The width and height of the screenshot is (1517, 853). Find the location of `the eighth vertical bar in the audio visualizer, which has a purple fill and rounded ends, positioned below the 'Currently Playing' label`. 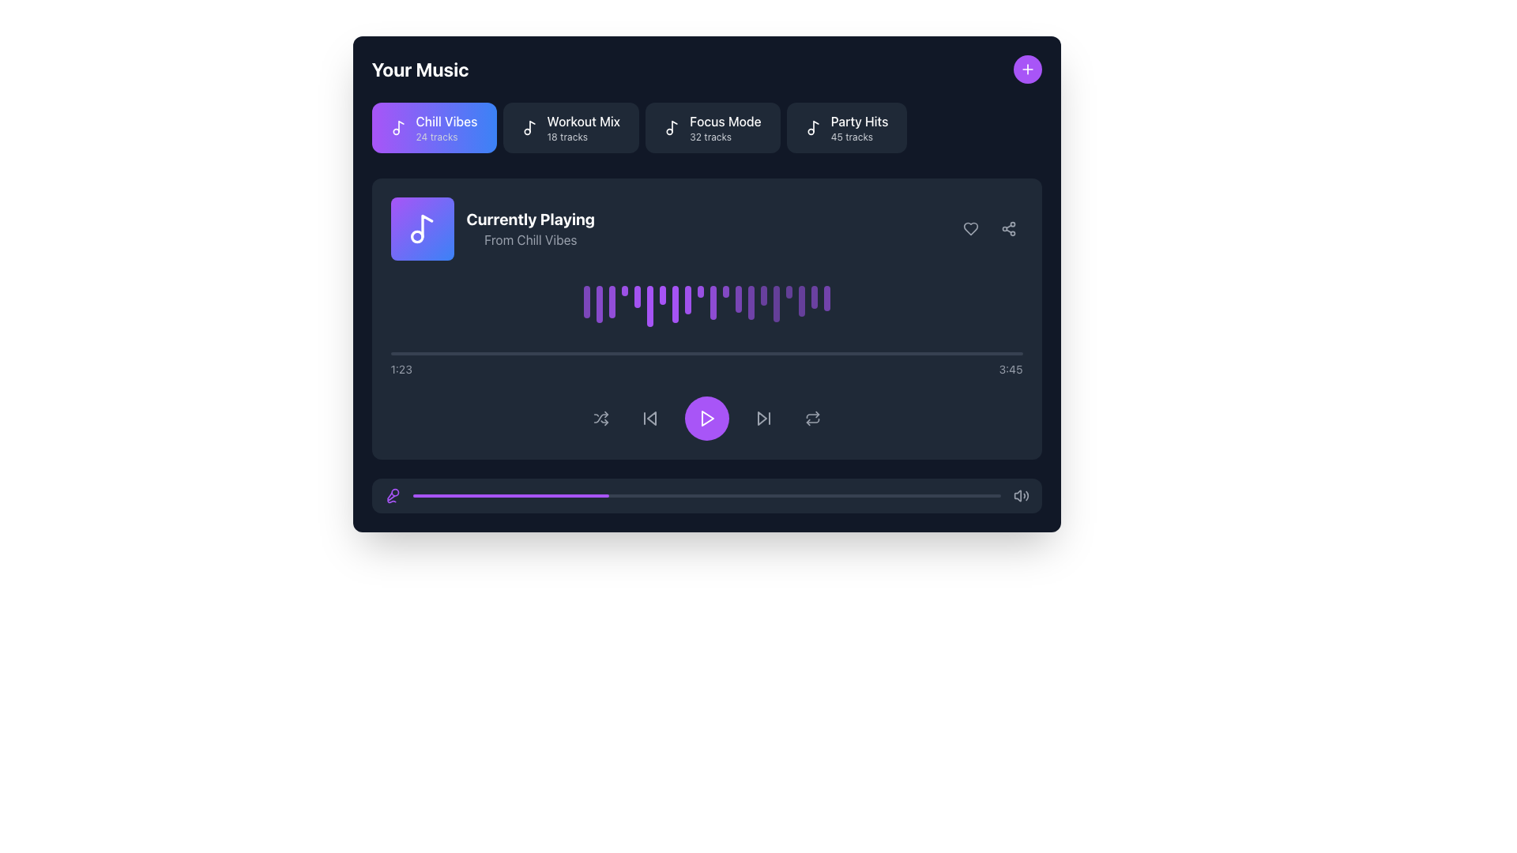

the eighth vertical bar in the audio visualizer, which has a purple fill and rounded ends, positioned below the 'Currently Playing' label is located at coordinates (675, 304).